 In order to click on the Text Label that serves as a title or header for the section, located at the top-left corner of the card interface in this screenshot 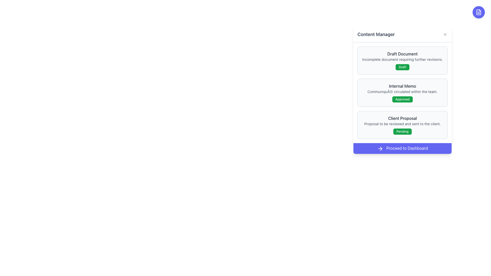, I will do `click(376, 34)`.